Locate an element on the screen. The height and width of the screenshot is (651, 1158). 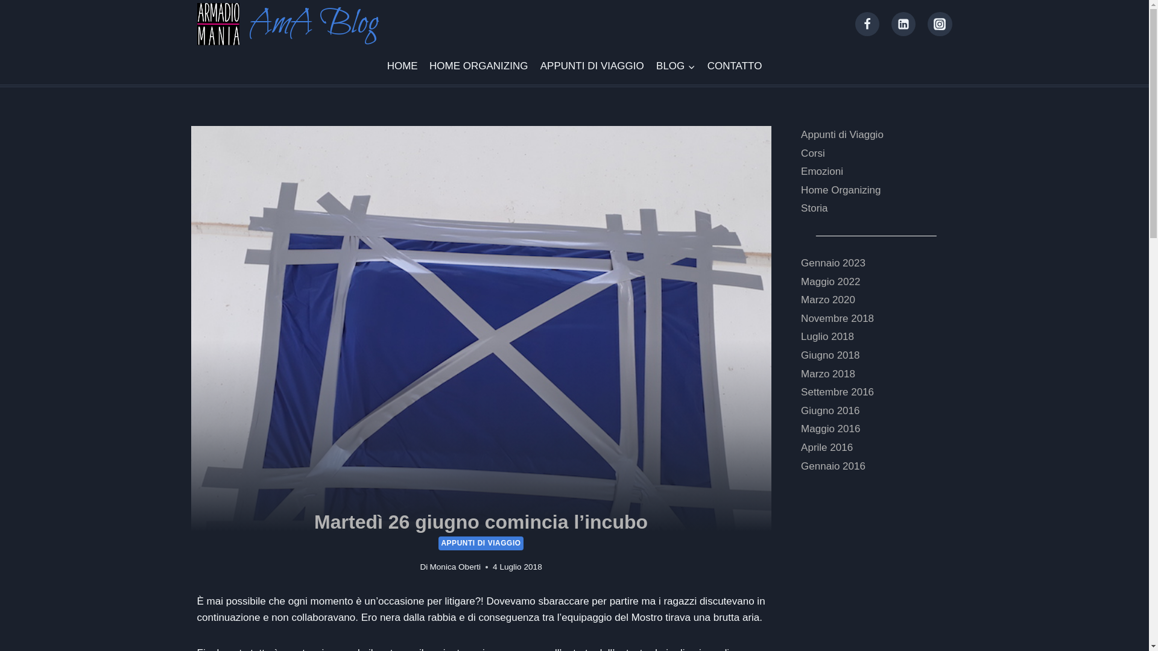
'Luglio 2018' is located at coordinates (827, 336).